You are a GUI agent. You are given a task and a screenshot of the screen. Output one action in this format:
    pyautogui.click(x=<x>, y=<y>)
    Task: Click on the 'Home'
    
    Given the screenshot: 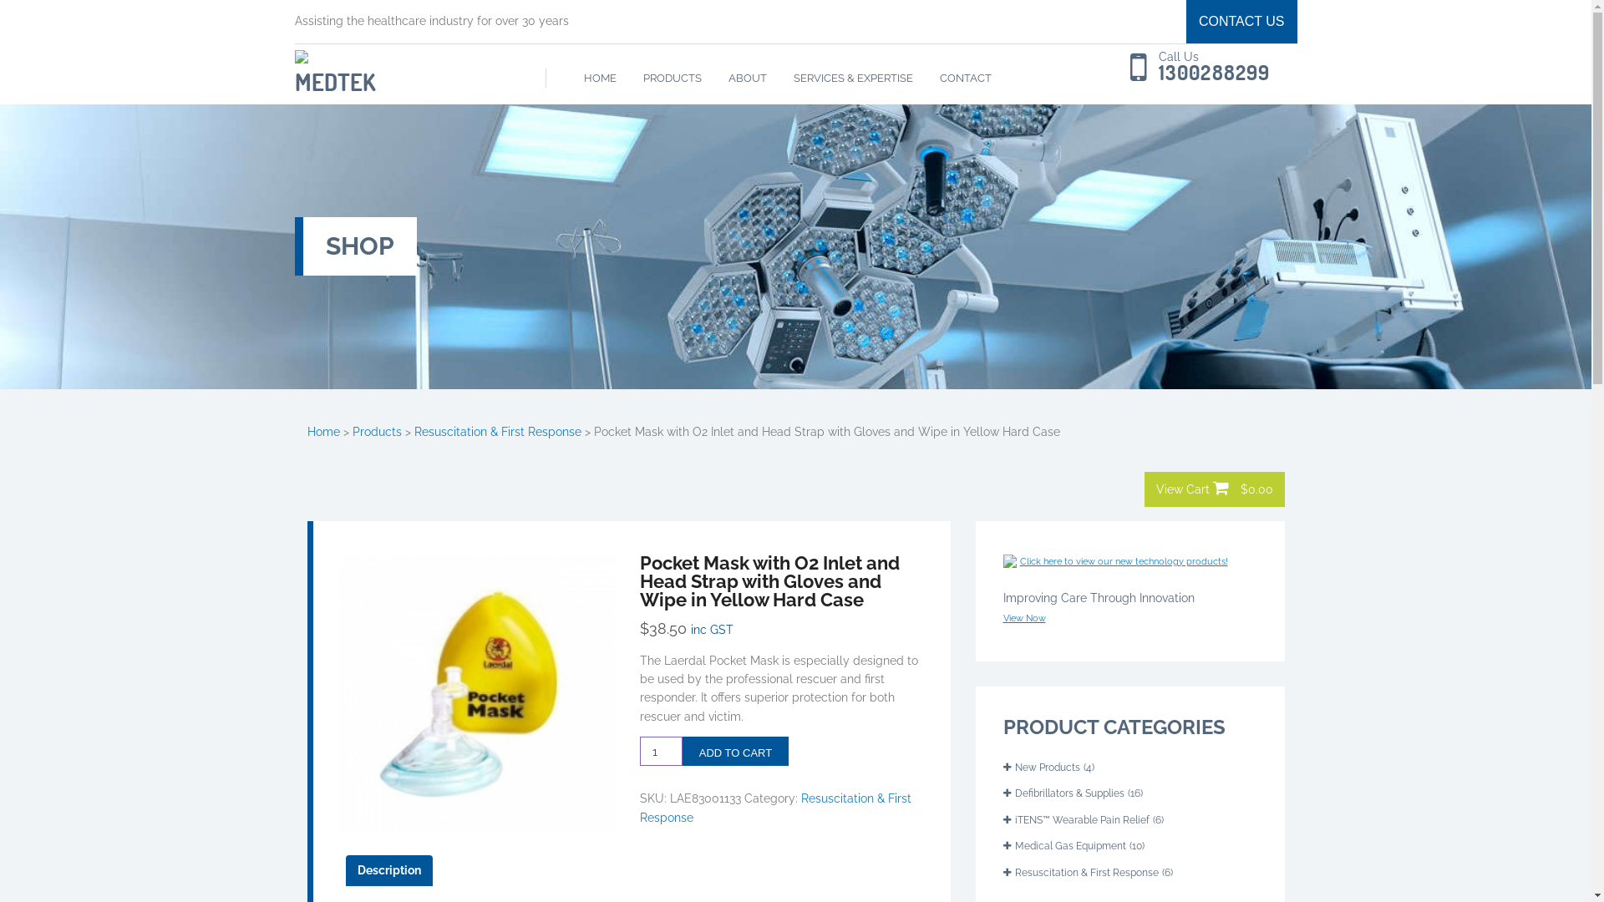 What is the action you would take?
    pyautogui.click(x=323, y=430)
    